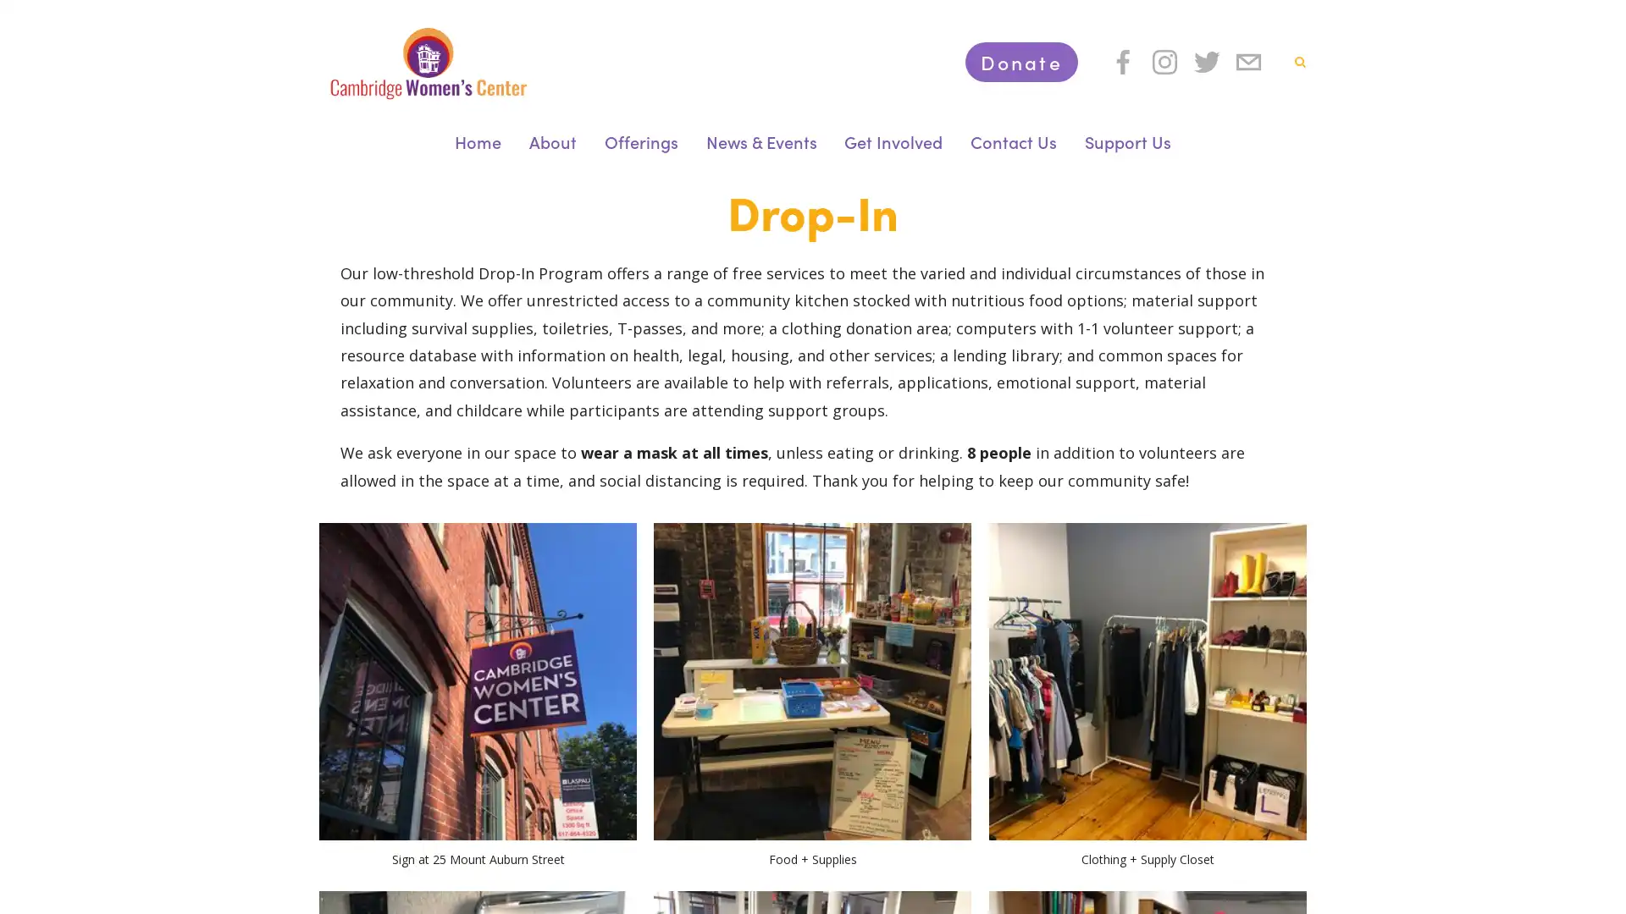 The image size is (1626, 914). What do you see at coordinates (811, 680) in the screenshot?
I see `View fullsize Food + Supplies` at bounding box center [811, 680].